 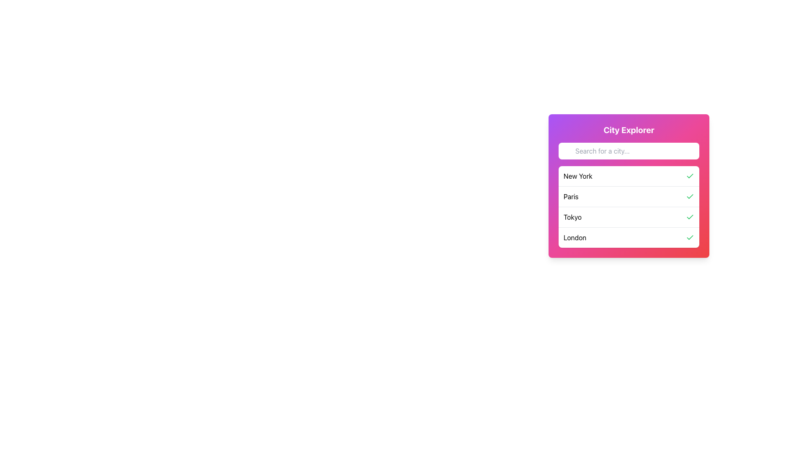 What do you see at coordinates (629, 237) in the screenshot?
I see `the list item labeled 'London', which is the fourth item in the list` at bounding box center [629, 237].